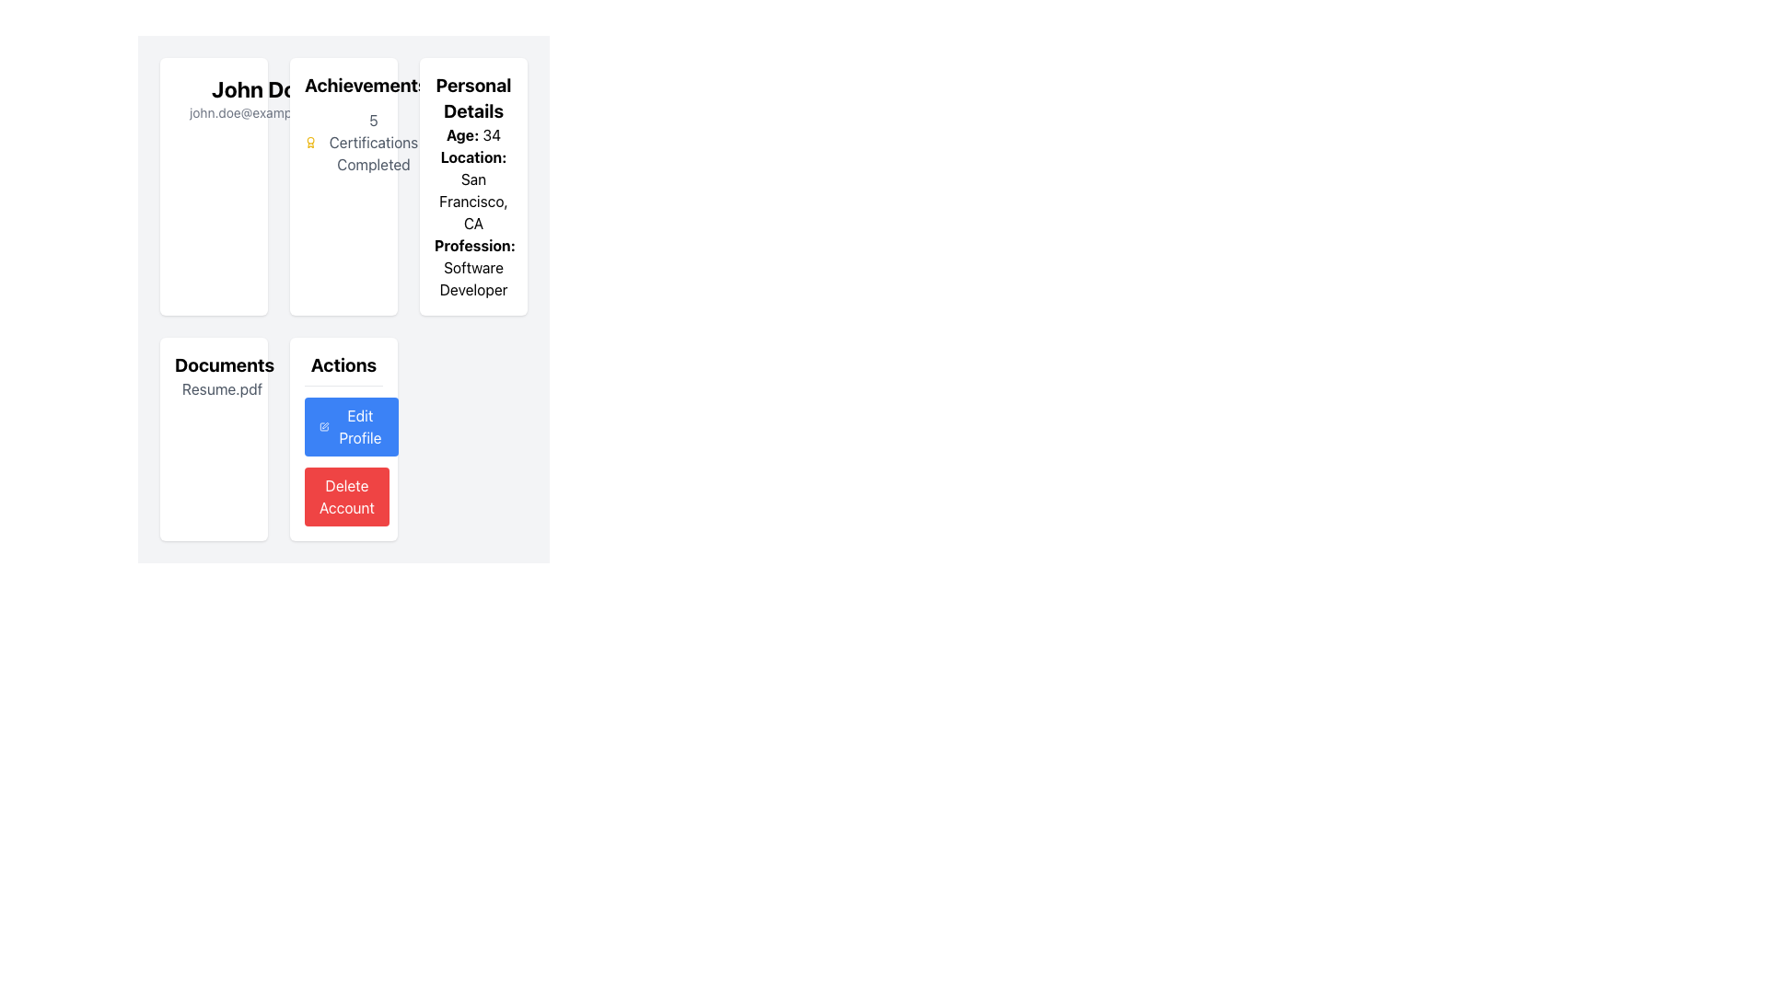  What do you see at coordinates (214, 187) in the screenshot?
I see `the card component displaying 'John Doe' at the top, which is the first card in the row within a grid layout` at bounding box center [214, 187].